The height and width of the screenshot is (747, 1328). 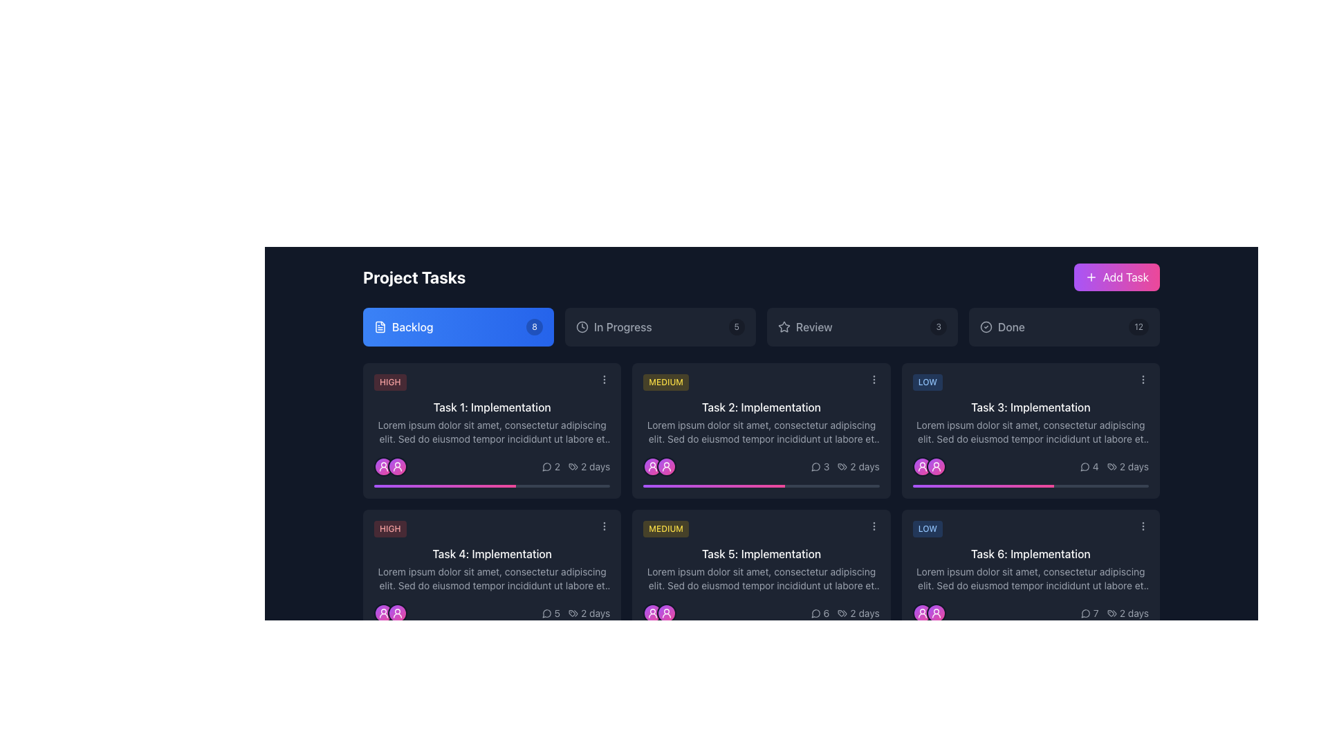 What do you see at coordinates (622, 327) in the screenshot?
I see `the text element displaying the status 'In Progress', which is styled with a medium-weight font and lighter color, located to the right of a circular clock icon in the status bar at the top of the project management interface` at bounding box center [622, 327].